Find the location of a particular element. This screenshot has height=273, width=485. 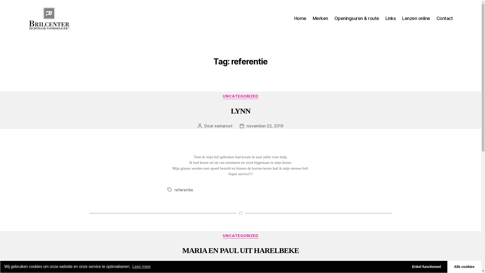

'Openingsuren & route' is located at coordinates (356, 18).